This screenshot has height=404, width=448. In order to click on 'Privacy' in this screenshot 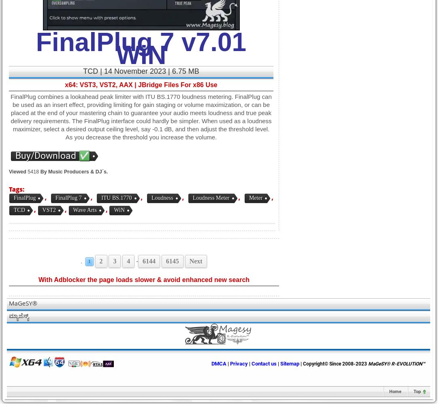, I will do `click(239, 363)`.